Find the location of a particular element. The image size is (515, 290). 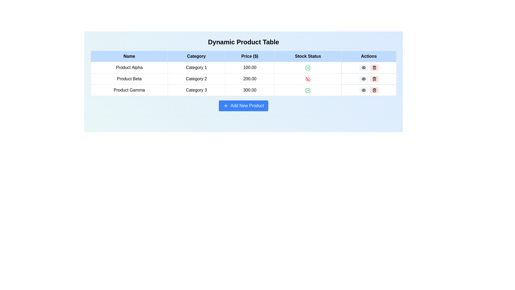

the first action button in the 'Actions' column of the second row of the product table, which has a rounded gray background that changes to purple upon hover is located at coordinates (363, 67).